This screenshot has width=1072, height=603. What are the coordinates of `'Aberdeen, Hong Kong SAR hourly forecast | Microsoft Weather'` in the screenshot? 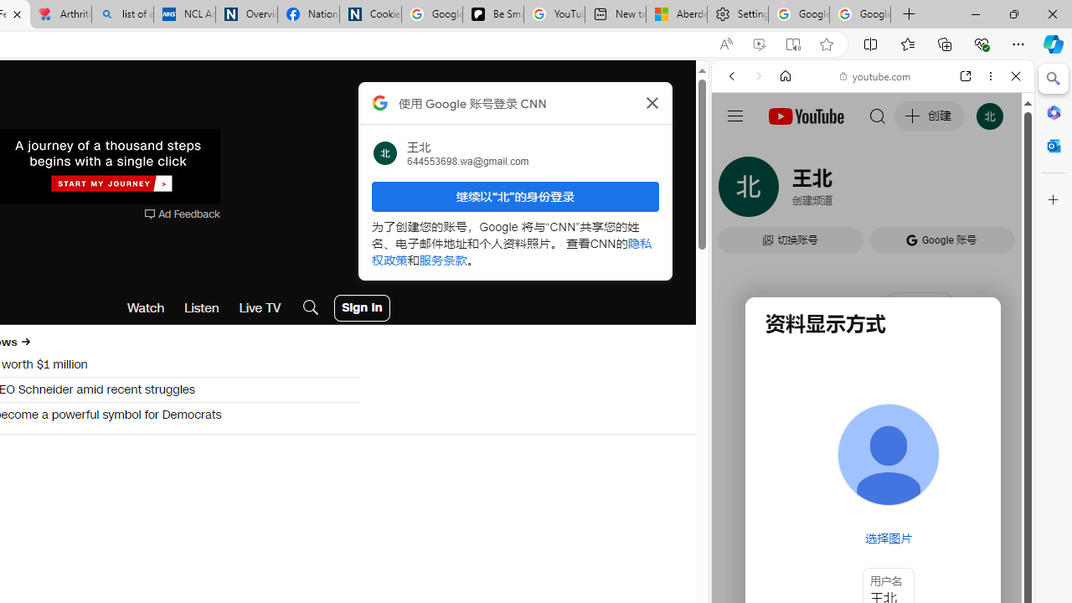 It's located at (676, 14).